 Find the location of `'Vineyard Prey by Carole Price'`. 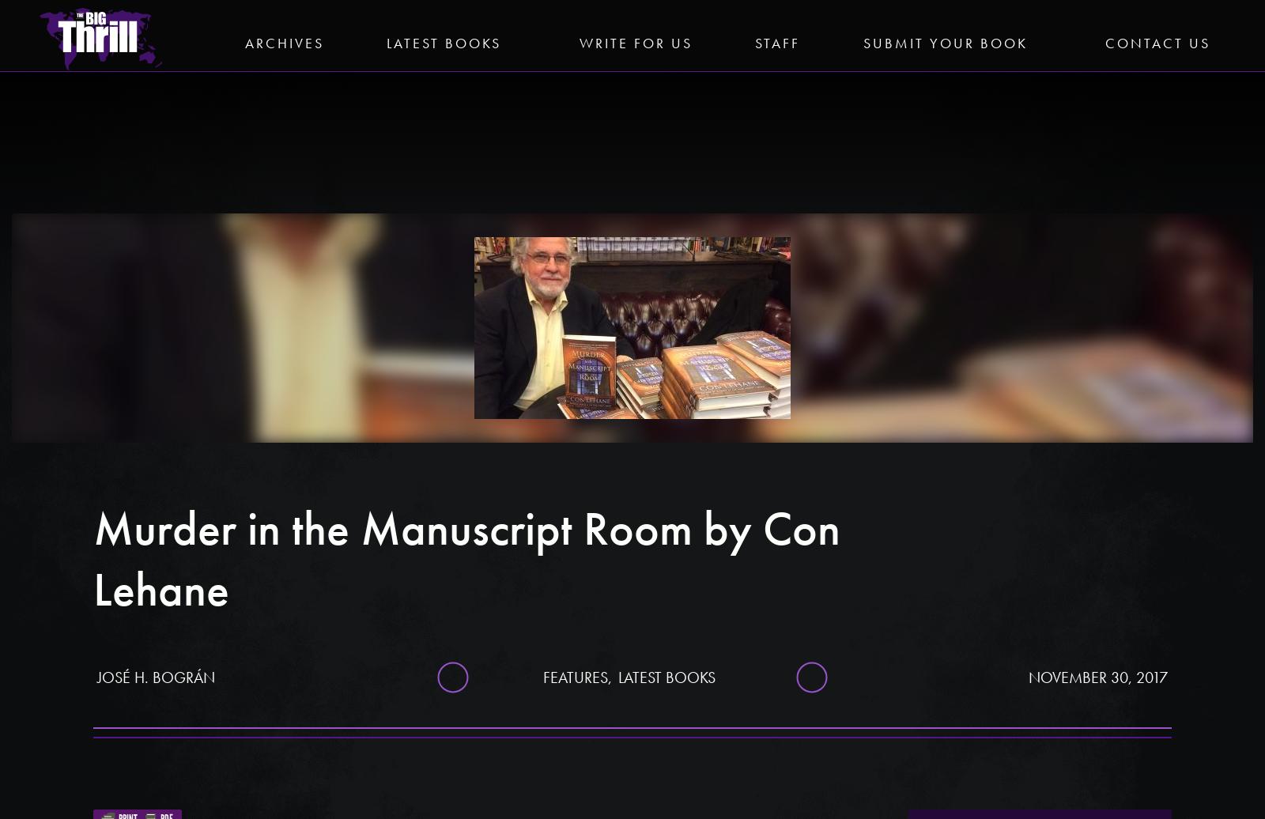

'Vineyard Prey by Carole Price' is located at coordinates (92, 380).